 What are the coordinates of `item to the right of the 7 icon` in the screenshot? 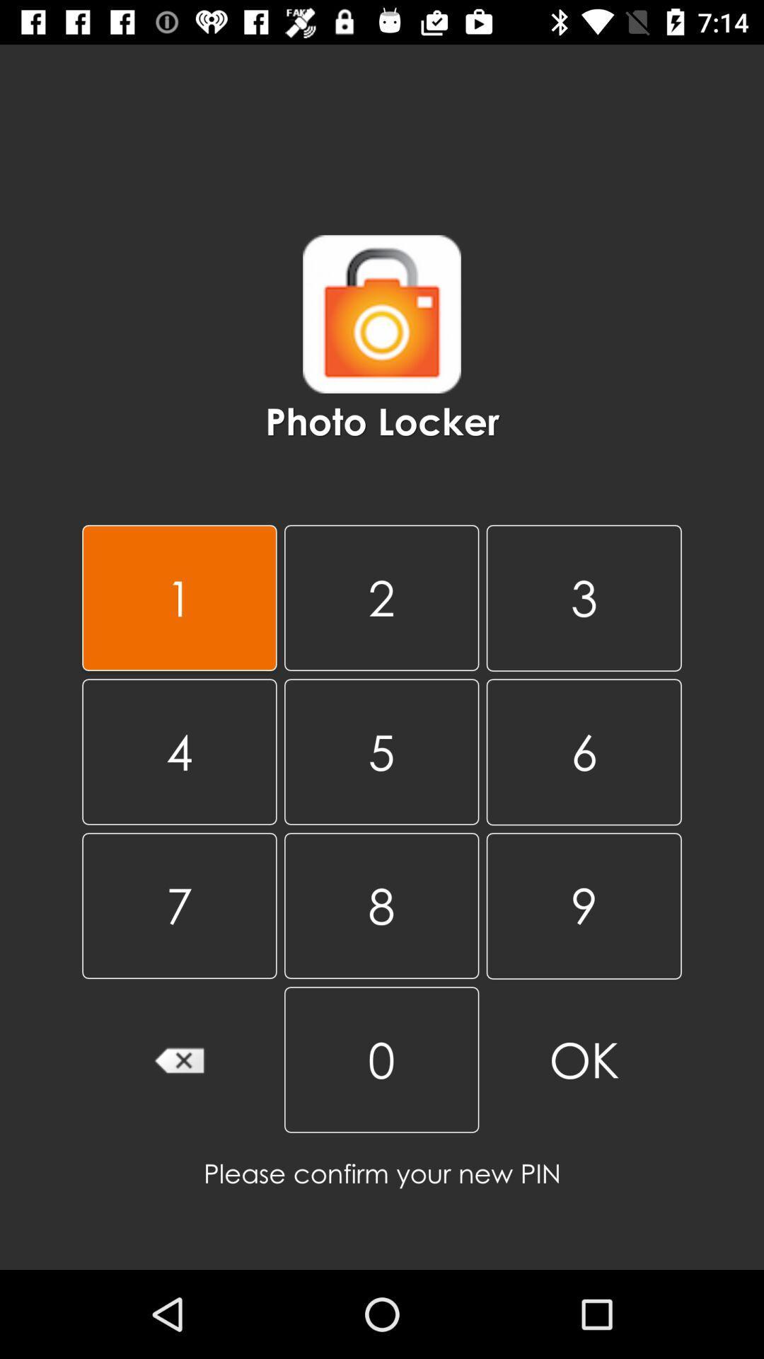 It's located at (381, 1060).